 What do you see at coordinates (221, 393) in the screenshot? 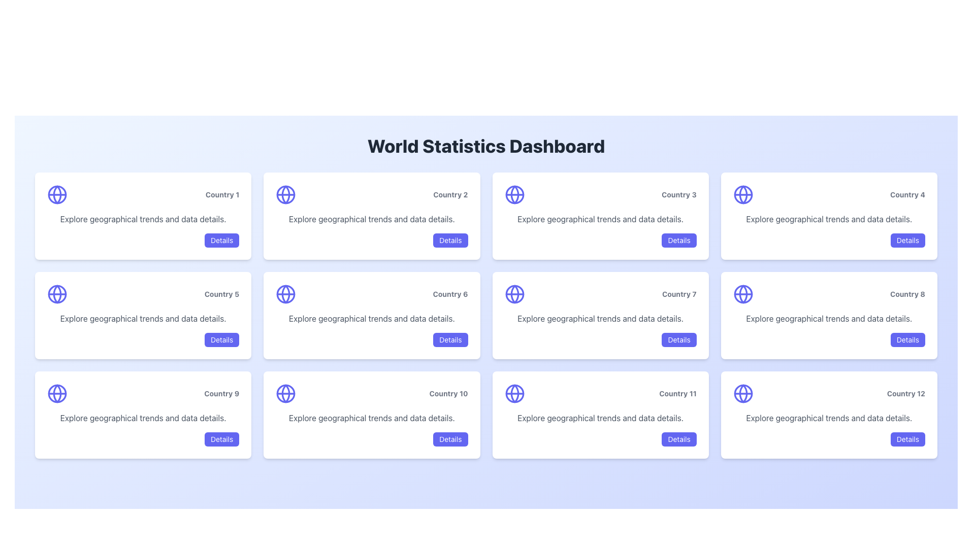
I see `the text label displaying 'Country 9', which is styled in a smaller bold gray font and located in the bottom-left card of a 3x4 grid layout` at bounding box center [221, 393].